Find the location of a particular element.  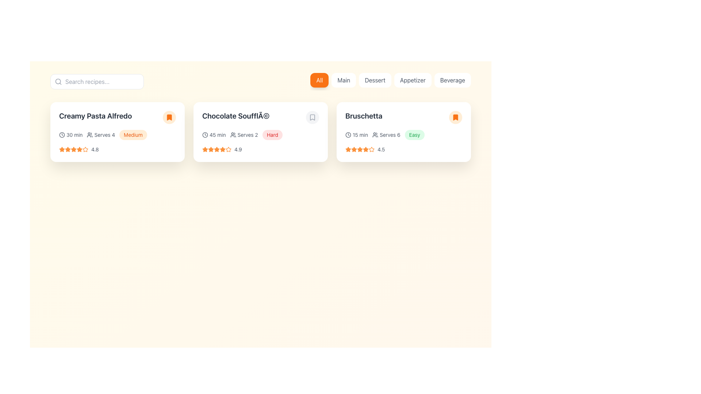

the last star-shaped icon in the rating section for the 'Bruschetta' recipe card is located at coordinates (354, 149).